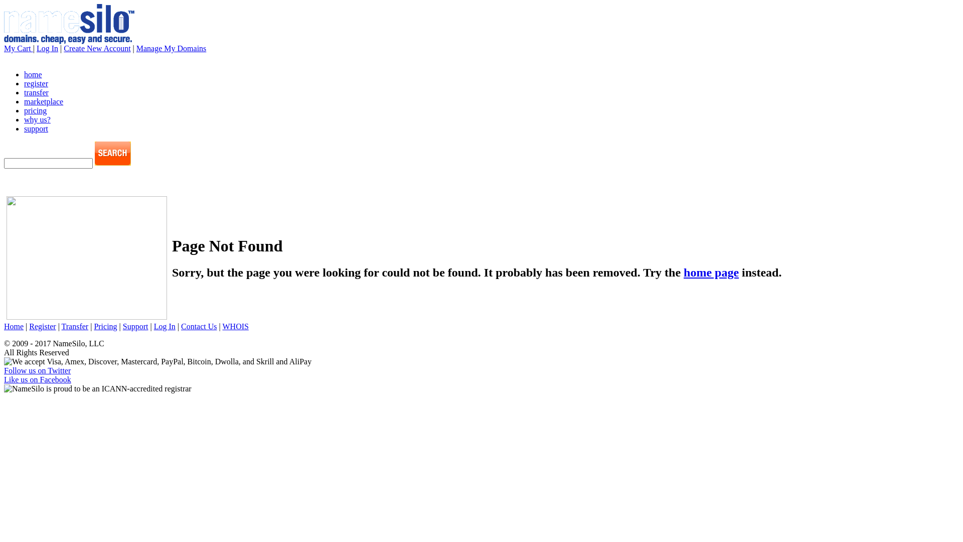 The height and width of the screenshot is (542, 963). Describe the element at coordinates (37, 370) in the screenshot. I see `'Follow us on Twitter'` at that location.